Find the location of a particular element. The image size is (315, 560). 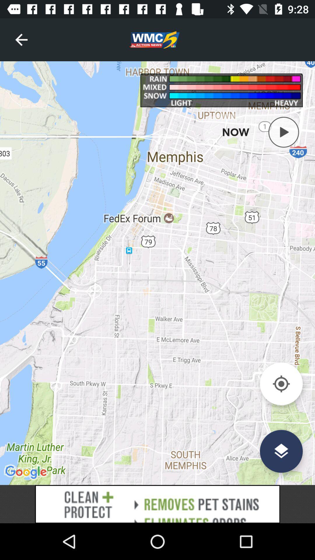

point is located at coordinates (281, 384).